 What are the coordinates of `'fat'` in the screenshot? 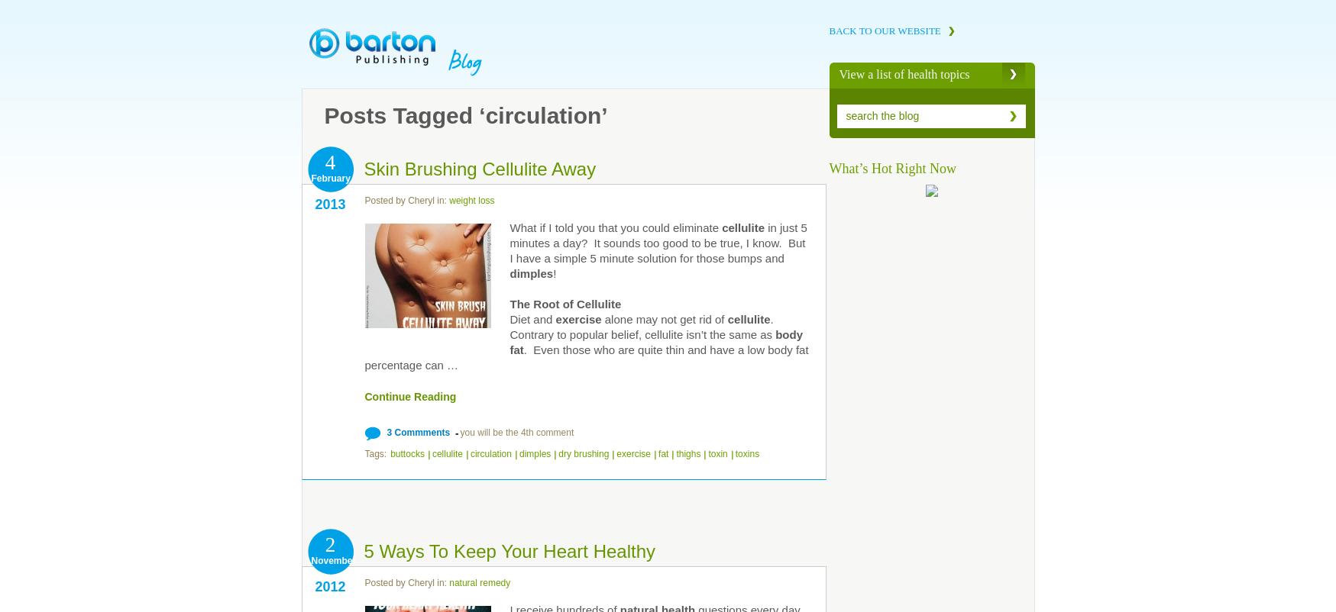 It's located at (662, 454).